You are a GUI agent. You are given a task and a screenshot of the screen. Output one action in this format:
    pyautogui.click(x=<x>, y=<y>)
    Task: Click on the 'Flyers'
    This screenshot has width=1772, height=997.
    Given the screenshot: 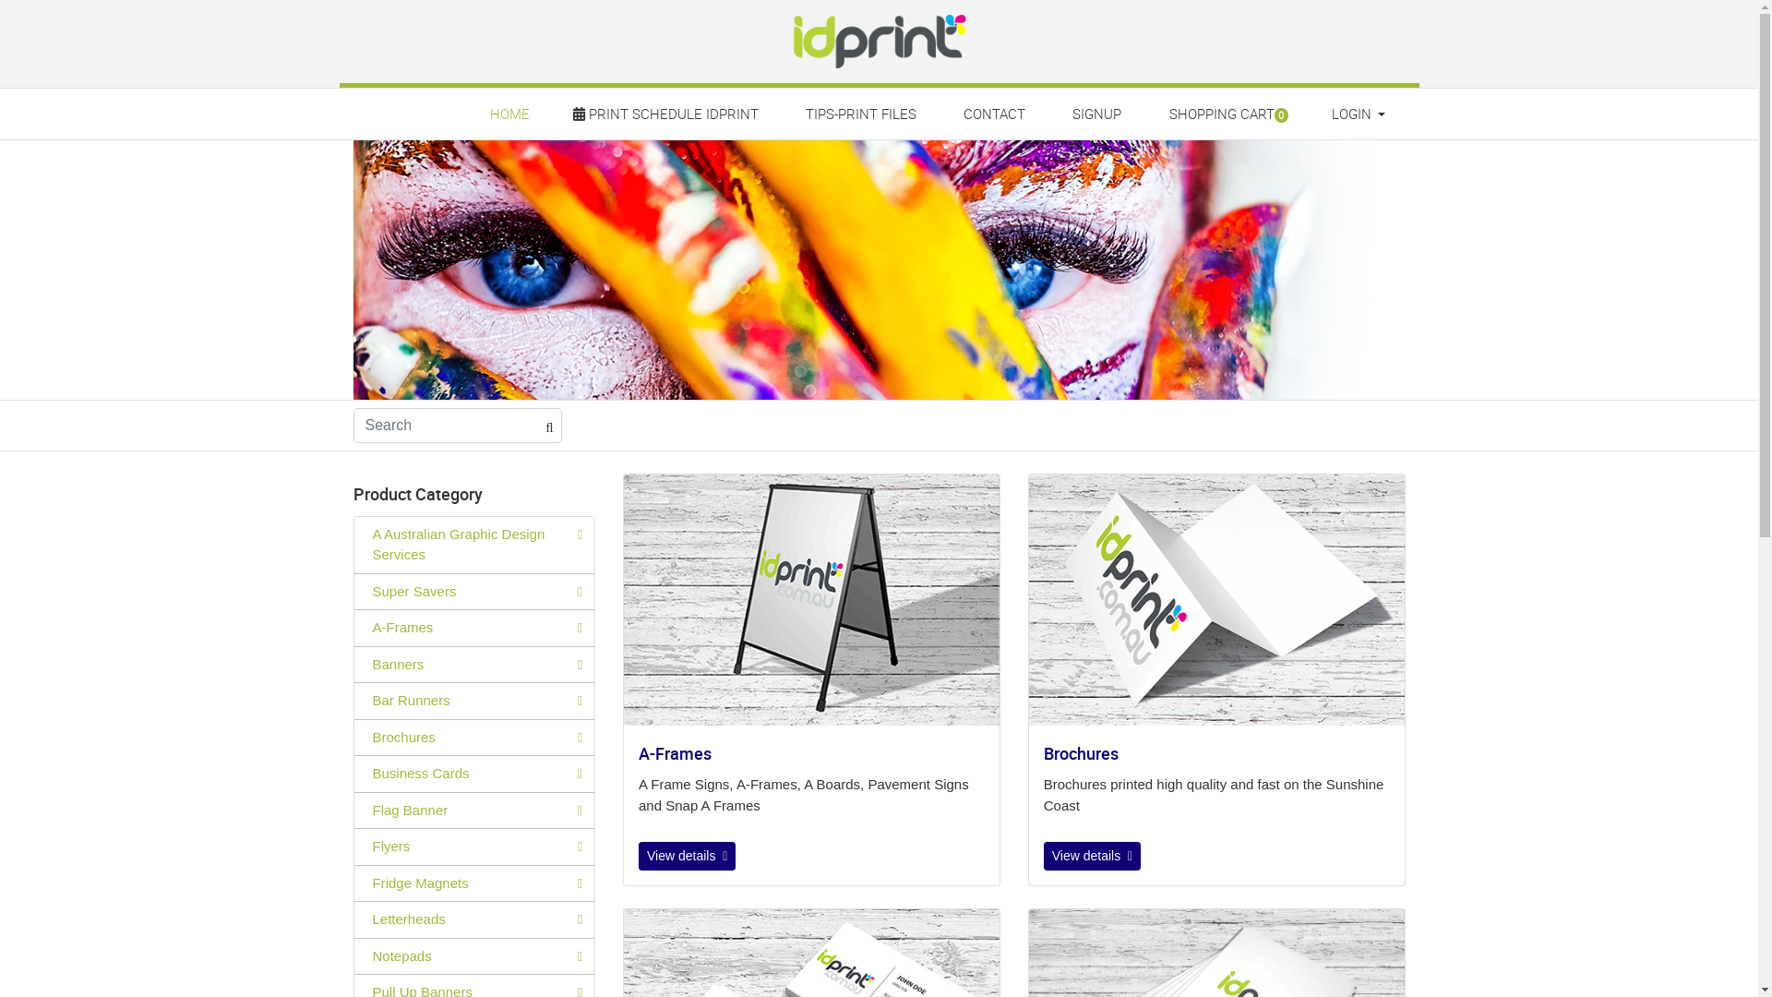 What is the action you would take?
    pyautogui.click(x=474, y=847)
    